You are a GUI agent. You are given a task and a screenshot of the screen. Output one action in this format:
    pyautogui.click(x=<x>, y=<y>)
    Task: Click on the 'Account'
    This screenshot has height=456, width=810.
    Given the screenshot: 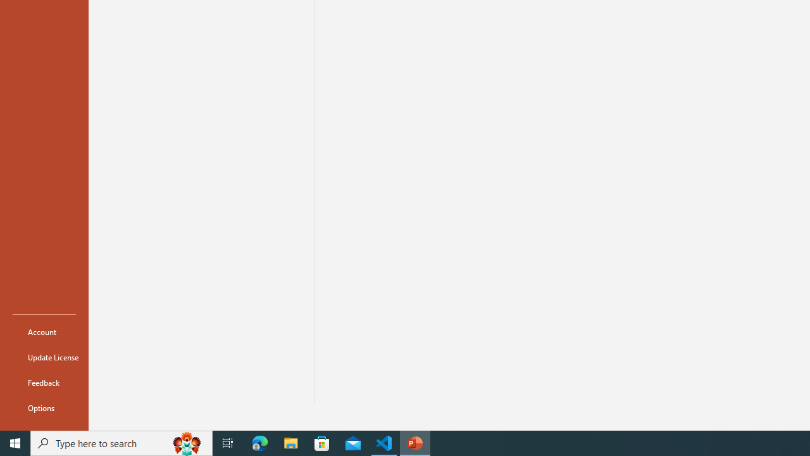 What is the action you would take?
    pyautogui.click(x=44, y=331)
    